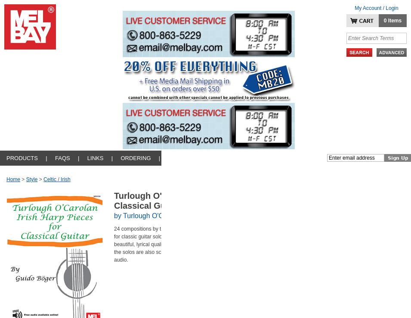 The width and height of the screenshot is (411, 318). What do you see at coordinates (95, 157) in the screenshot?
I see `'LINKS'` at bounding box center [95, 157].